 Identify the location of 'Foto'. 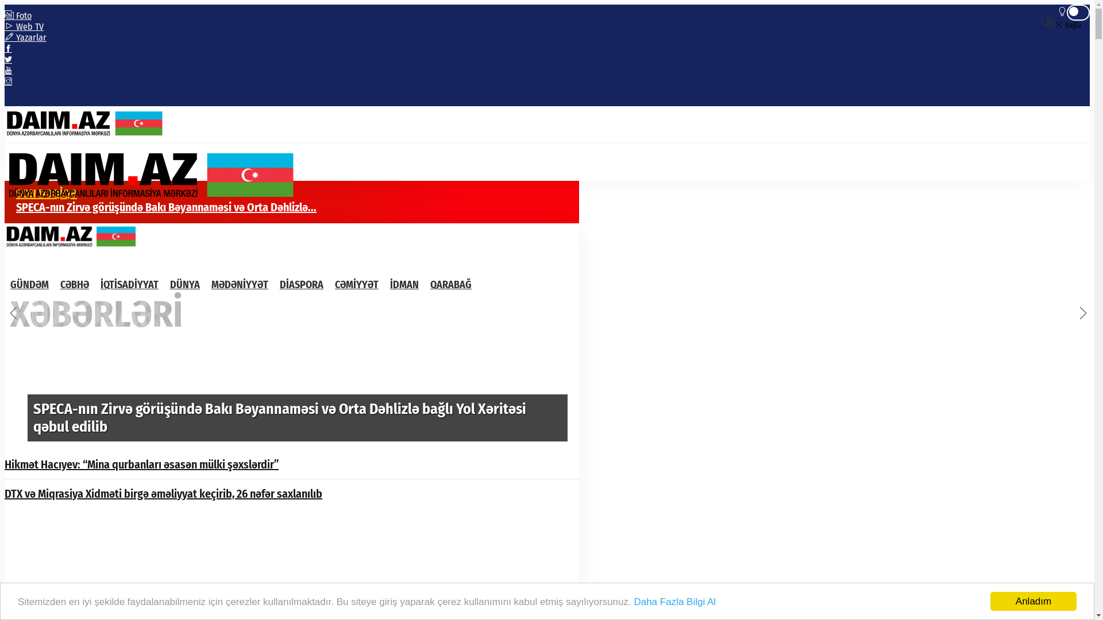
(18, 15).